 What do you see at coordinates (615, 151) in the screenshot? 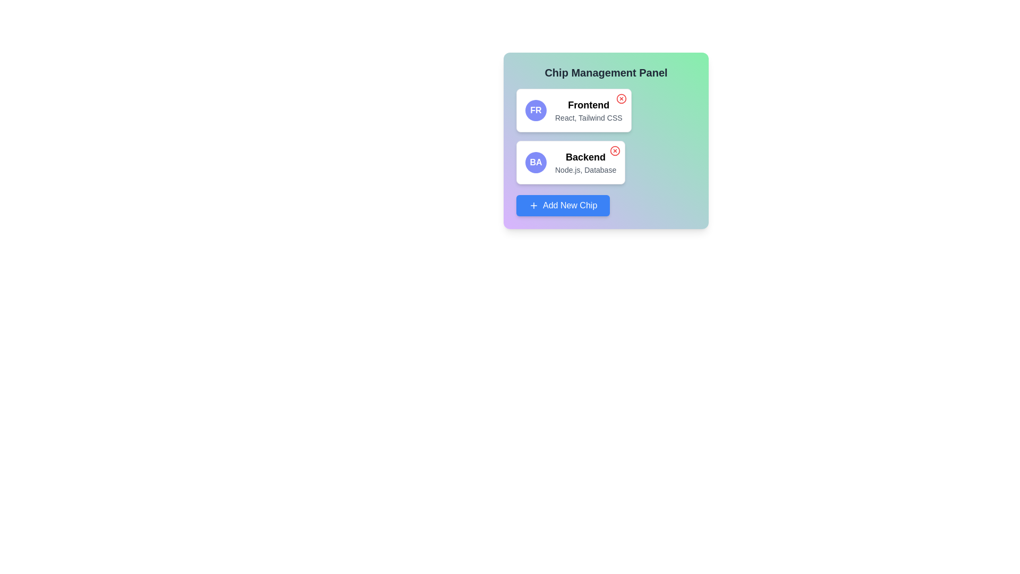
I see `the chip labeled Backend by clicking its close button` at bounding box center [615, 151].